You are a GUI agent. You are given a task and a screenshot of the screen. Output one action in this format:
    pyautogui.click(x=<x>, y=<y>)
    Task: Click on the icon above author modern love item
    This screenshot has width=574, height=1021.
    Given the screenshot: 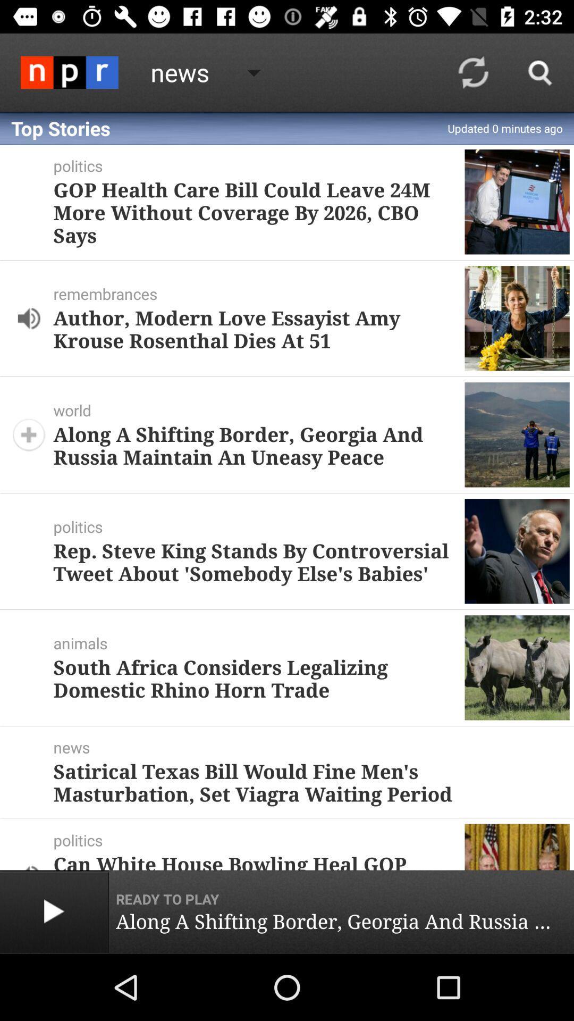 What is the action you would take?
    pyautogui.click(x=259, y=294)
    